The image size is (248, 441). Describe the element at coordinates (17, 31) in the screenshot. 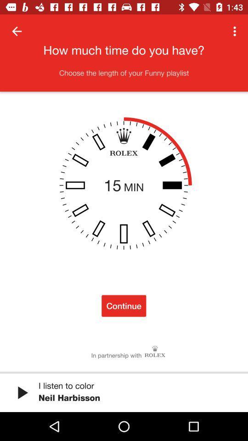

I see `the icon at the top left corner` at that location.